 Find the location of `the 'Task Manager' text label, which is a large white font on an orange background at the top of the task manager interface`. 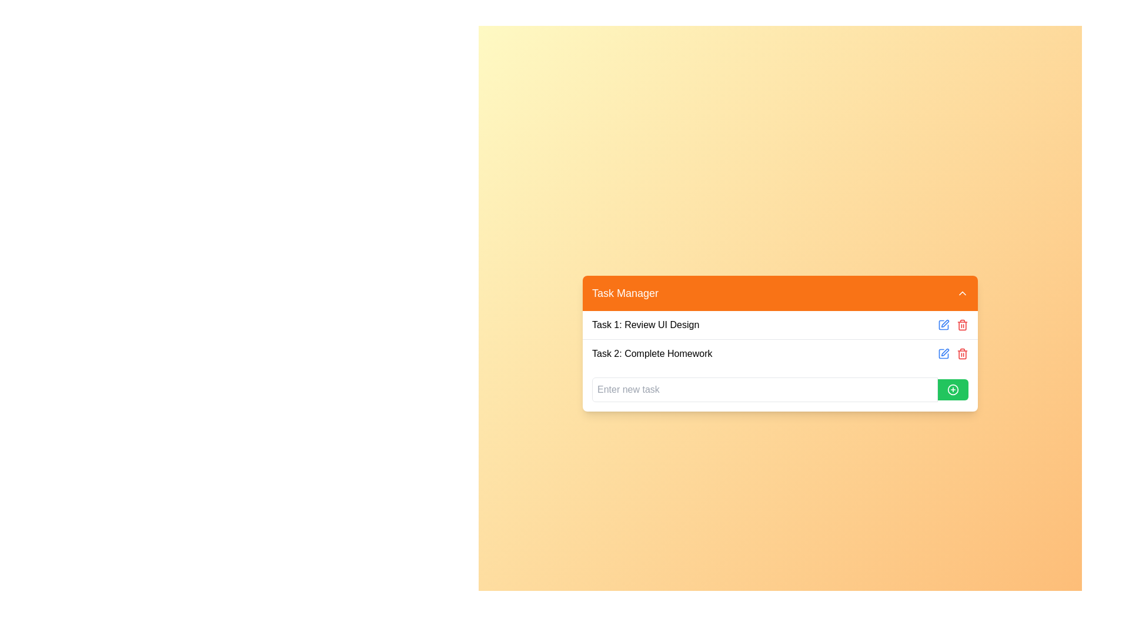

the 'Task Manager' text label, which is a large white font on an orange background at the top of the task manager interface is located at coordinates (624, 292).